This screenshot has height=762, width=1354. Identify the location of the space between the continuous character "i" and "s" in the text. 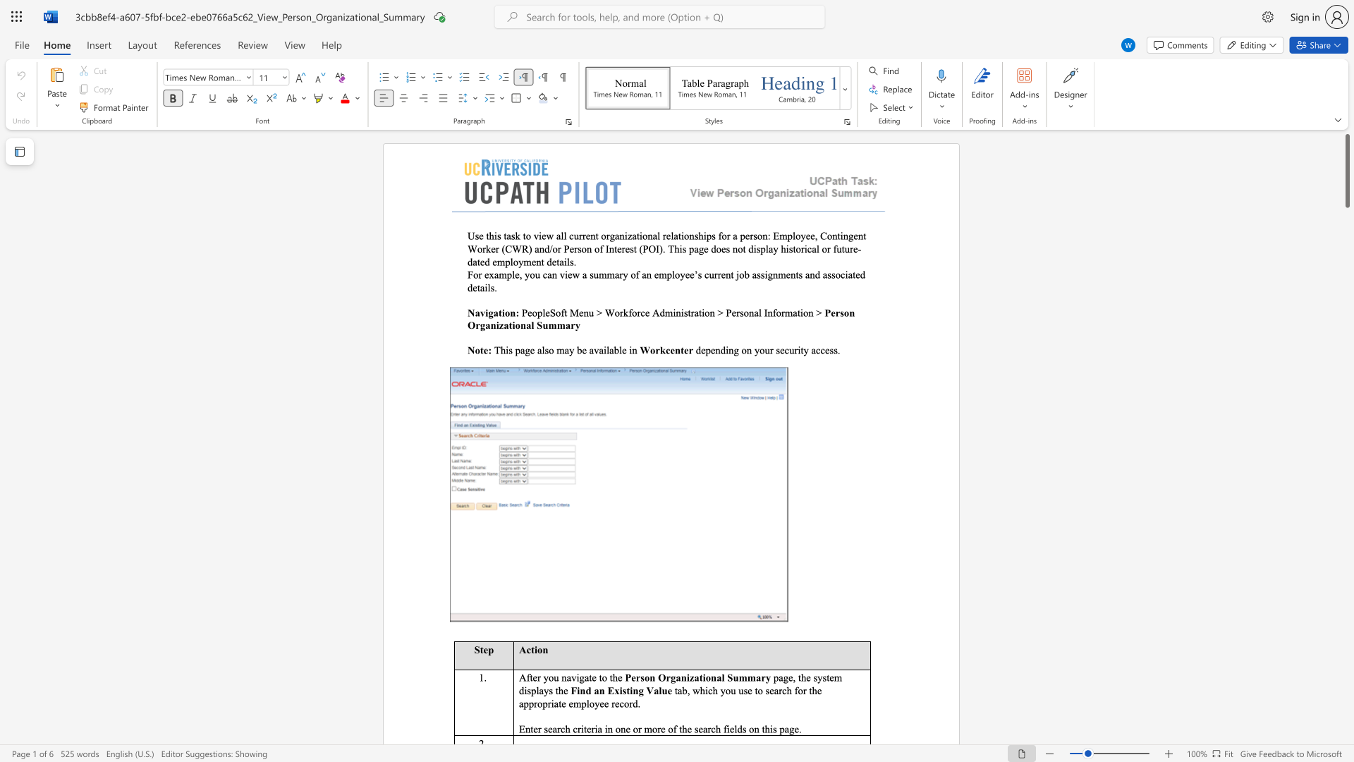
(508, 349).